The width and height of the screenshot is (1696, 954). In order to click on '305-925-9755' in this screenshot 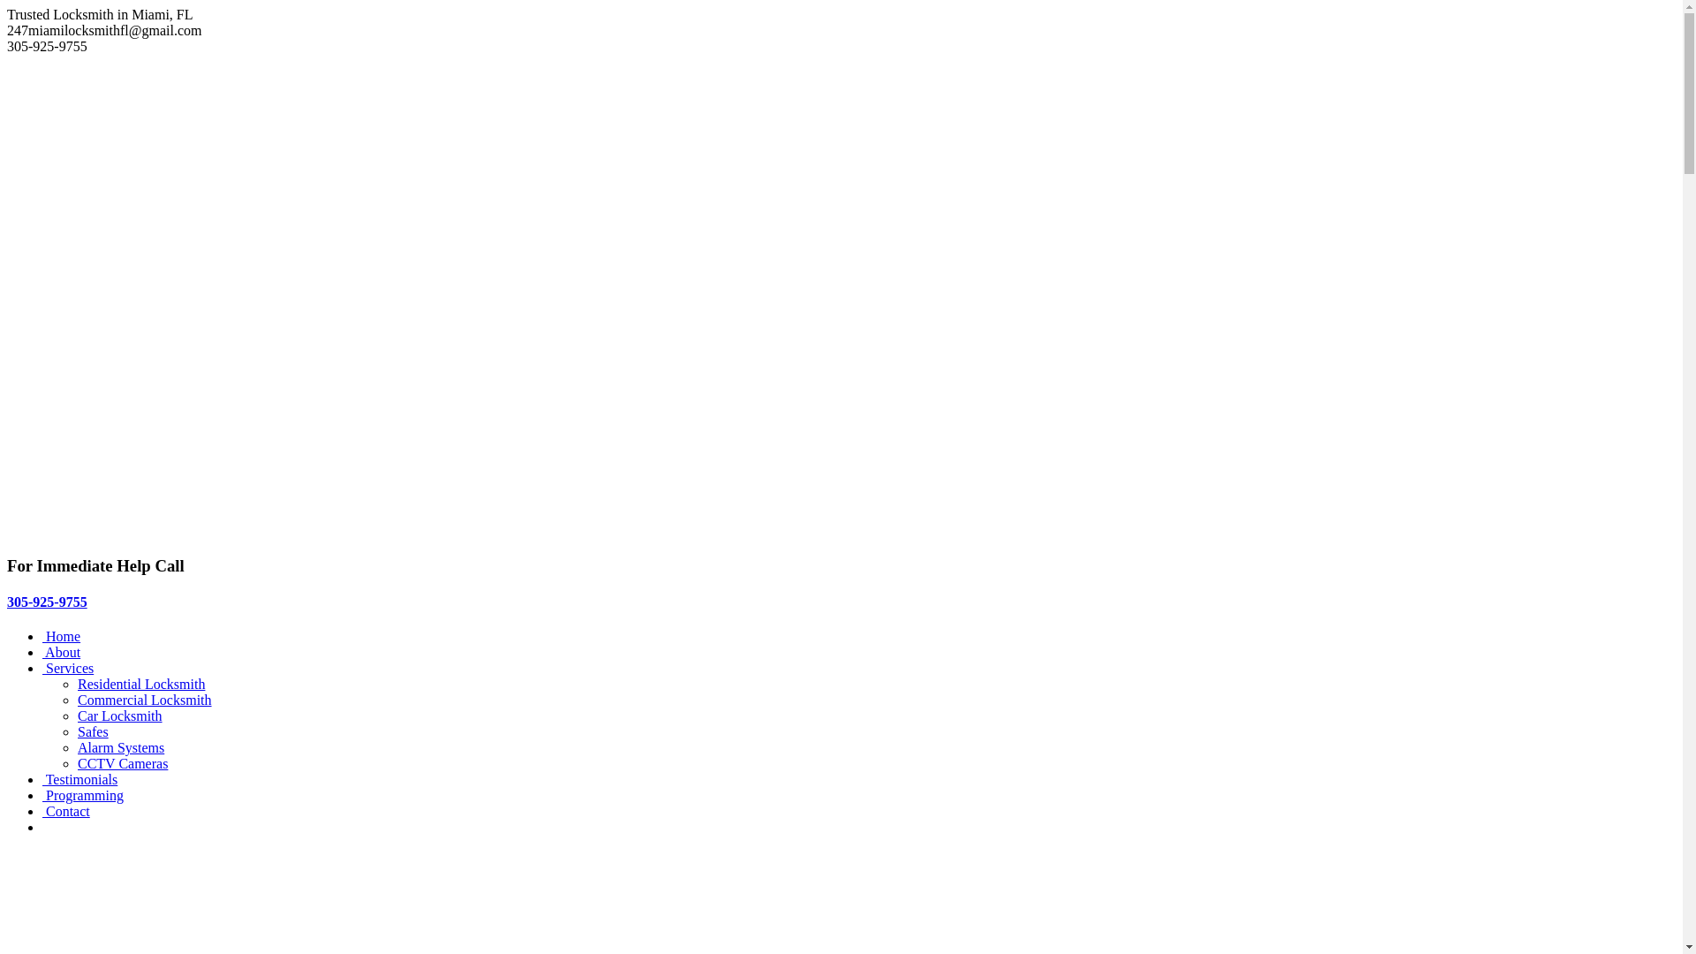, I will do `click(47, 601)`.